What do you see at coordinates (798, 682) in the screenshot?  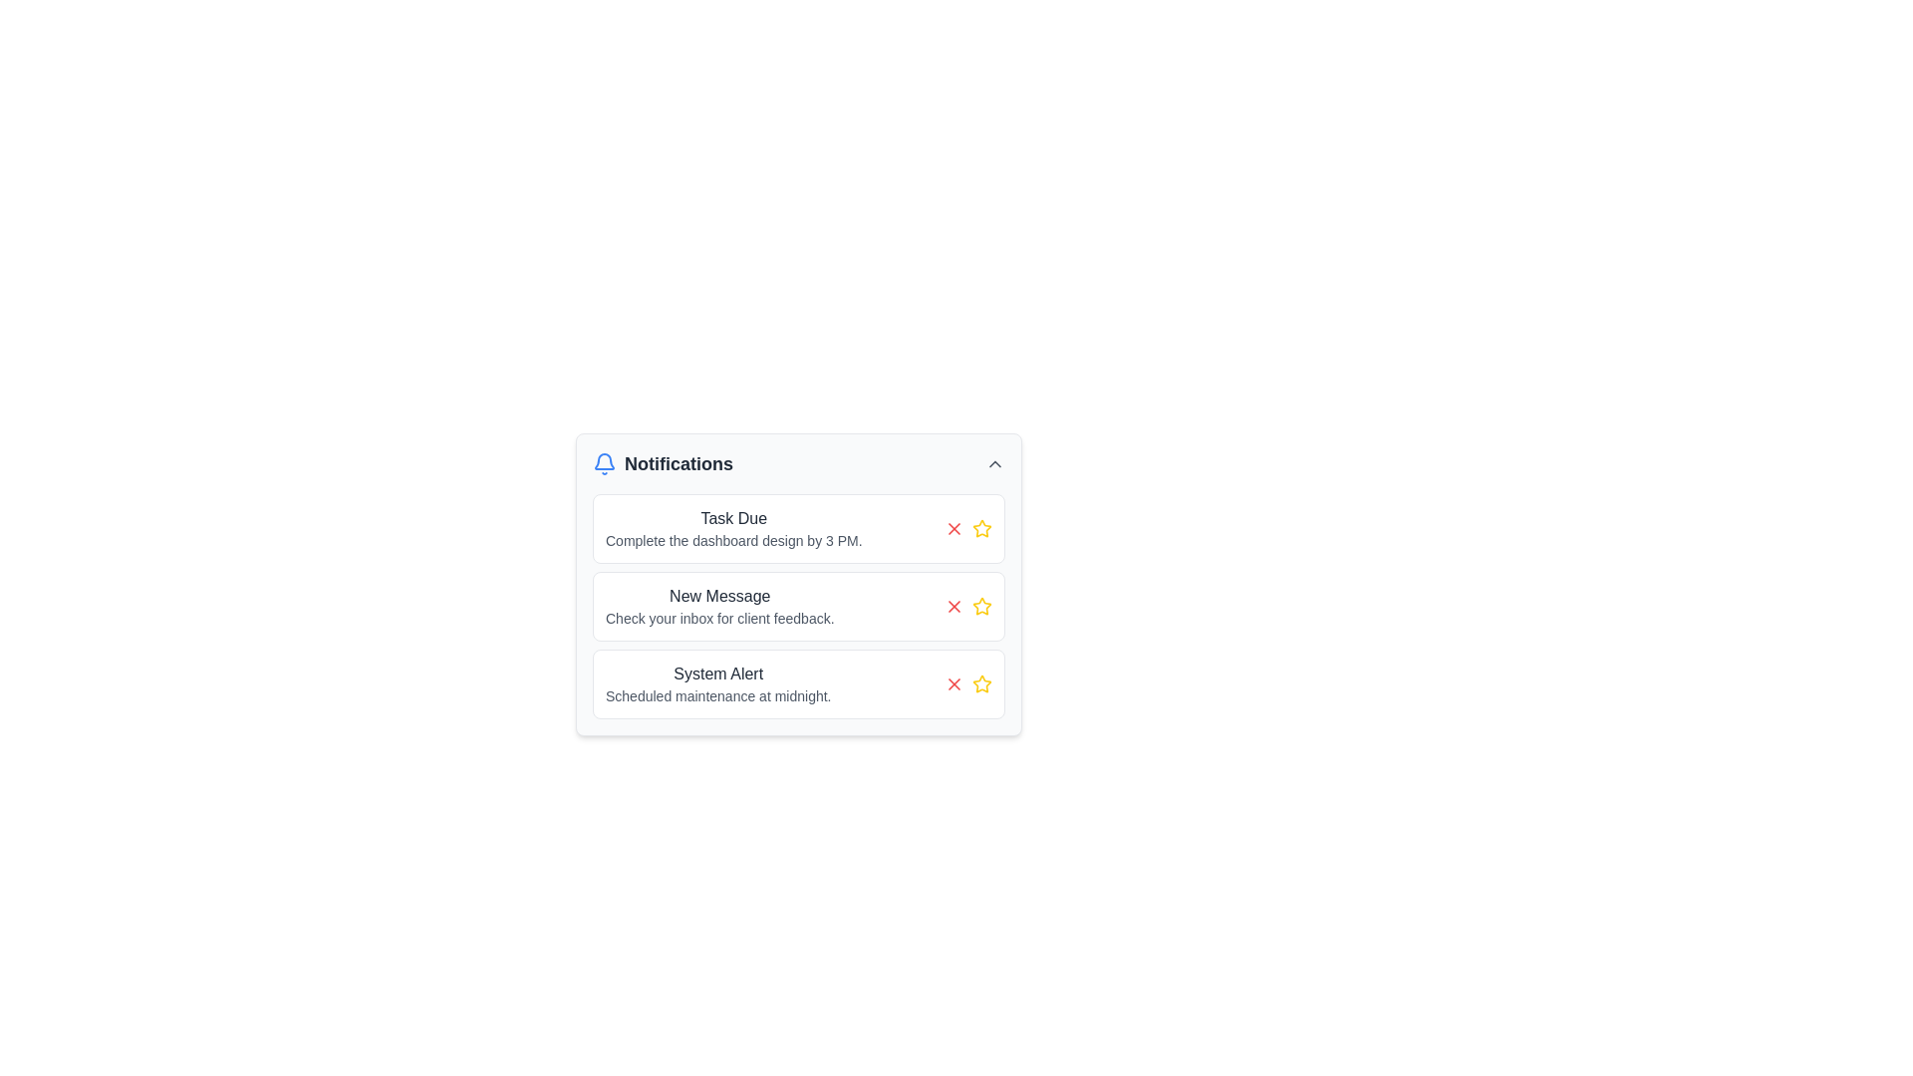 I see `the star icon in the 'System Alert' notification` at bounding box center [798, 682].